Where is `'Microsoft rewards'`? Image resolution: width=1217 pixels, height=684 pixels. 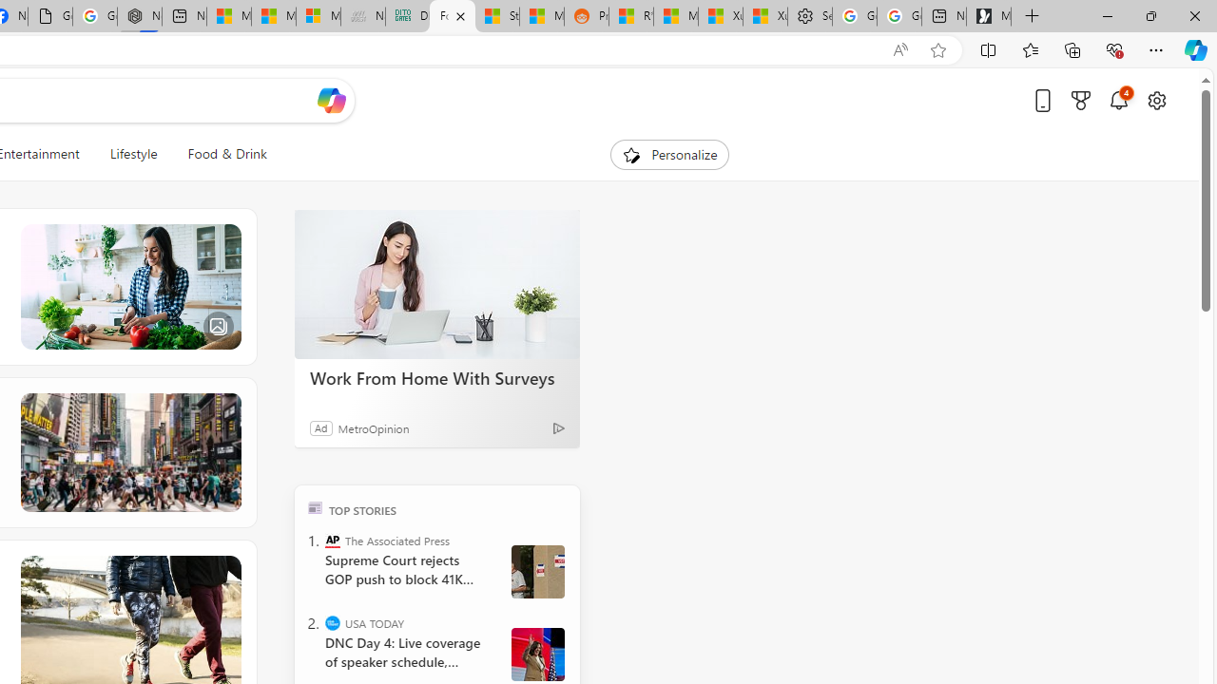
'Microsoft rewards' is located at coordinates (1081, 100).